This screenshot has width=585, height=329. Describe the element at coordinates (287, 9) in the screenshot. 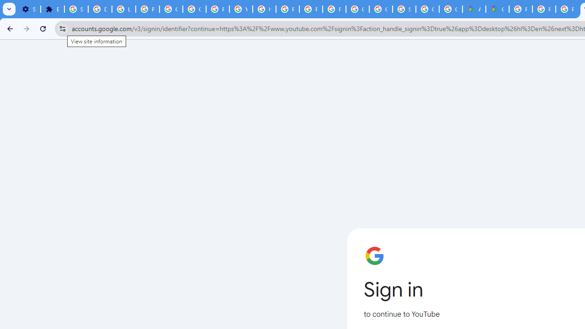

I see `'Privacy Help Center - Policies Help'` at that location.